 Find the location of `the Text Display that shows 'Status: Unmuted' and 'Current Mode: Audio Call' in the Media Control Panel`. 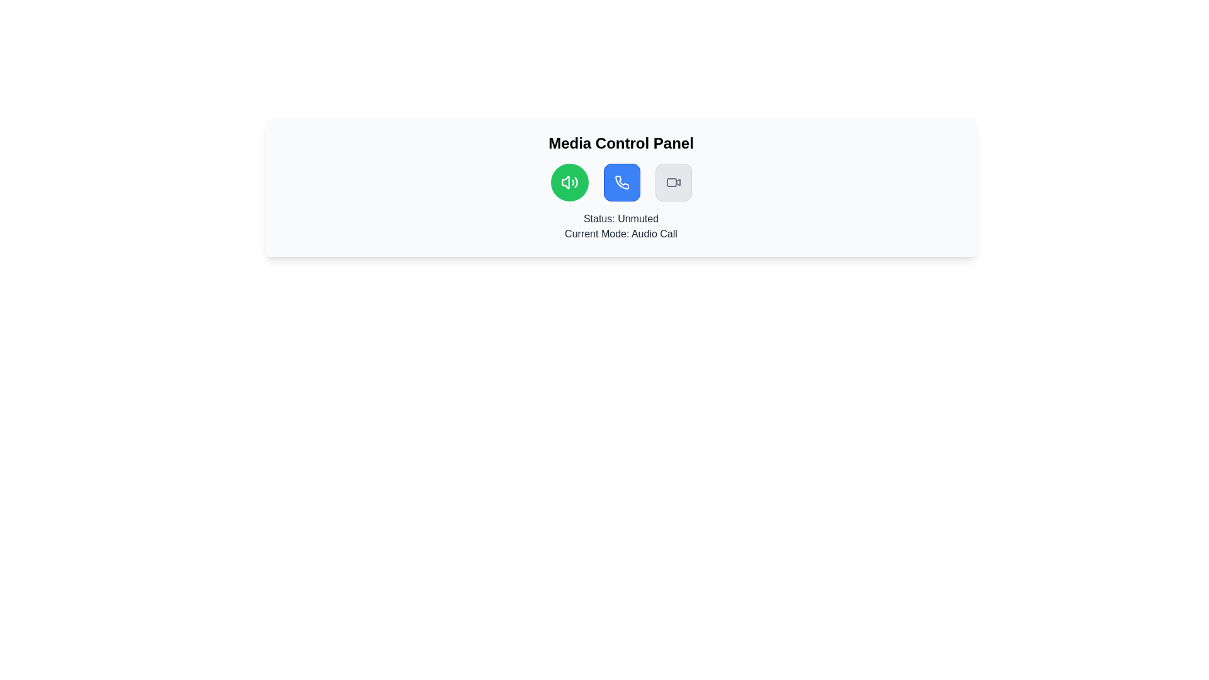

the Text Display that shows 'Status: Unmuted' and 'Current Mode: Audio Call' in the Media Control Panel is located at coordinates (621, 225).